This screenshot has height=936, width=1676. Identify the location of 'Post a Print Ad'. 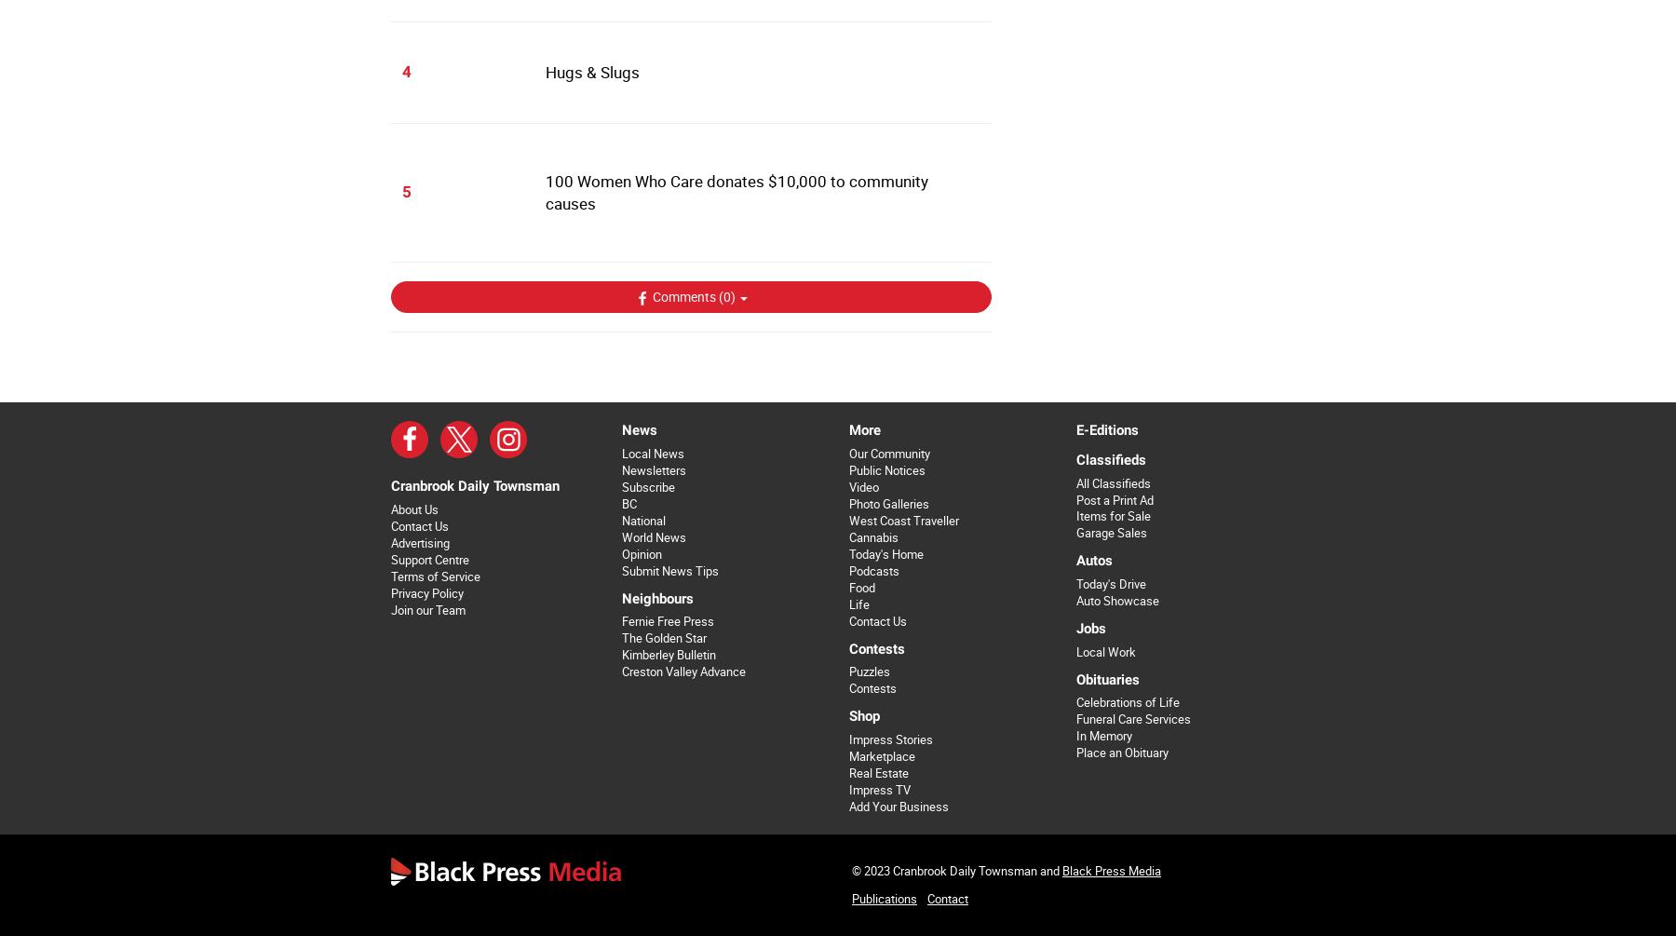
(1113, 498).